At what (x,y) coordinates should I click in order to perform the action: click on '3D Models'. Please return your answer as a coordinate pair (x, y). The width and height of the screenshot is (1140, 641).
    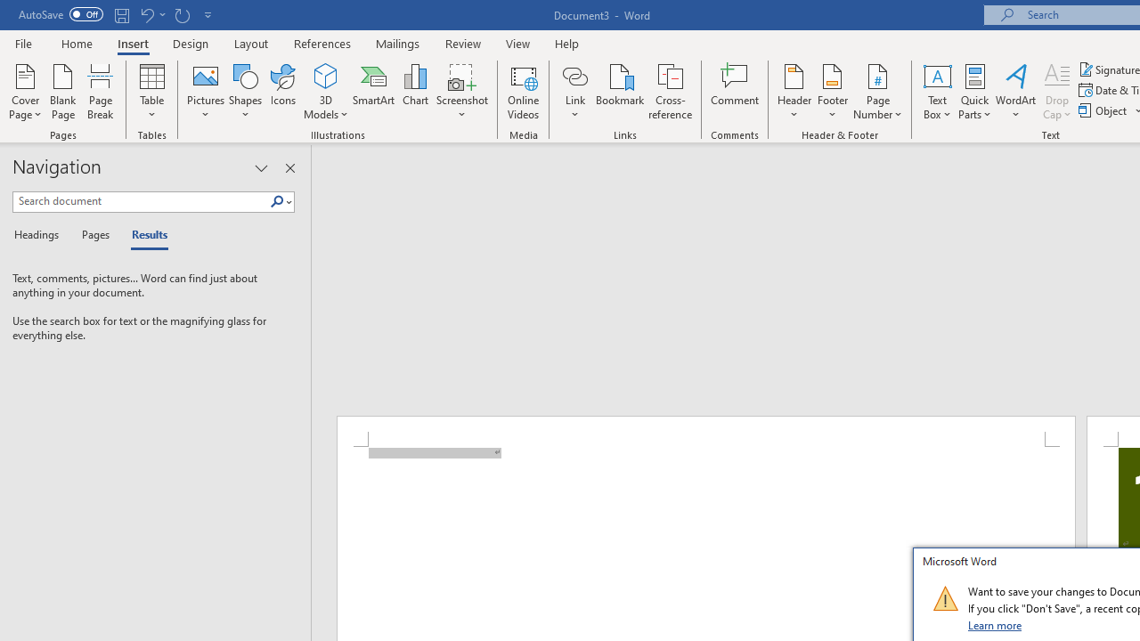
    Looking at the image, I should click on (326, 92).